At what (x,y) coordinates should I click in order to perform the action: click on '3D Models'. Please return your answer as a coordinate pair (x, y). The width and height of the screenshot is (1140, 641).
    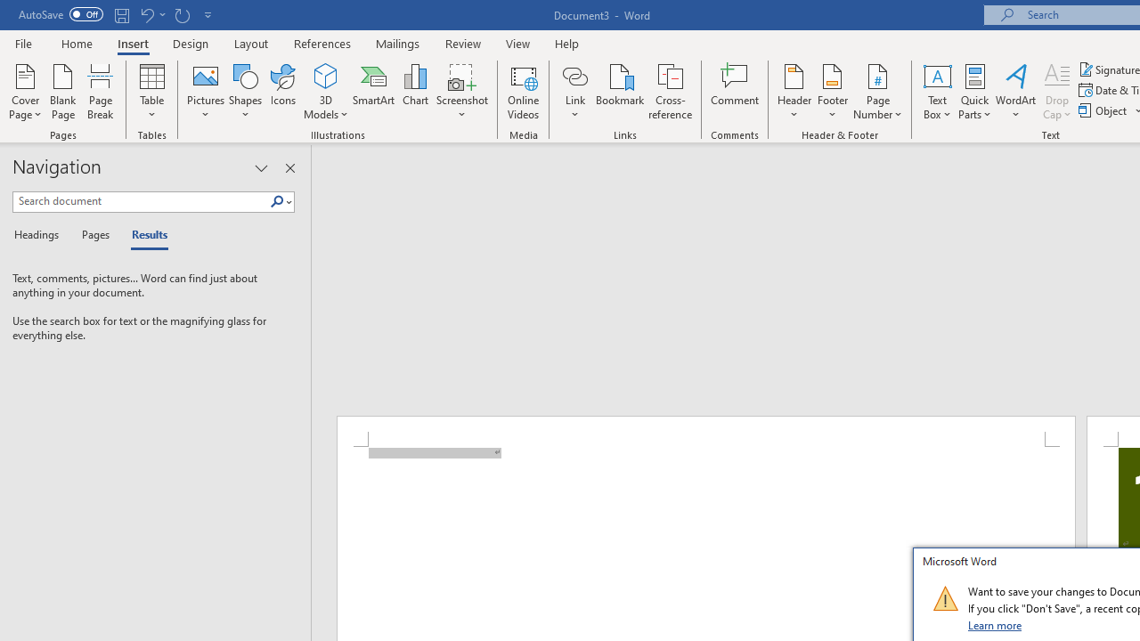
    Looking at the image, I should click on (326, 92).